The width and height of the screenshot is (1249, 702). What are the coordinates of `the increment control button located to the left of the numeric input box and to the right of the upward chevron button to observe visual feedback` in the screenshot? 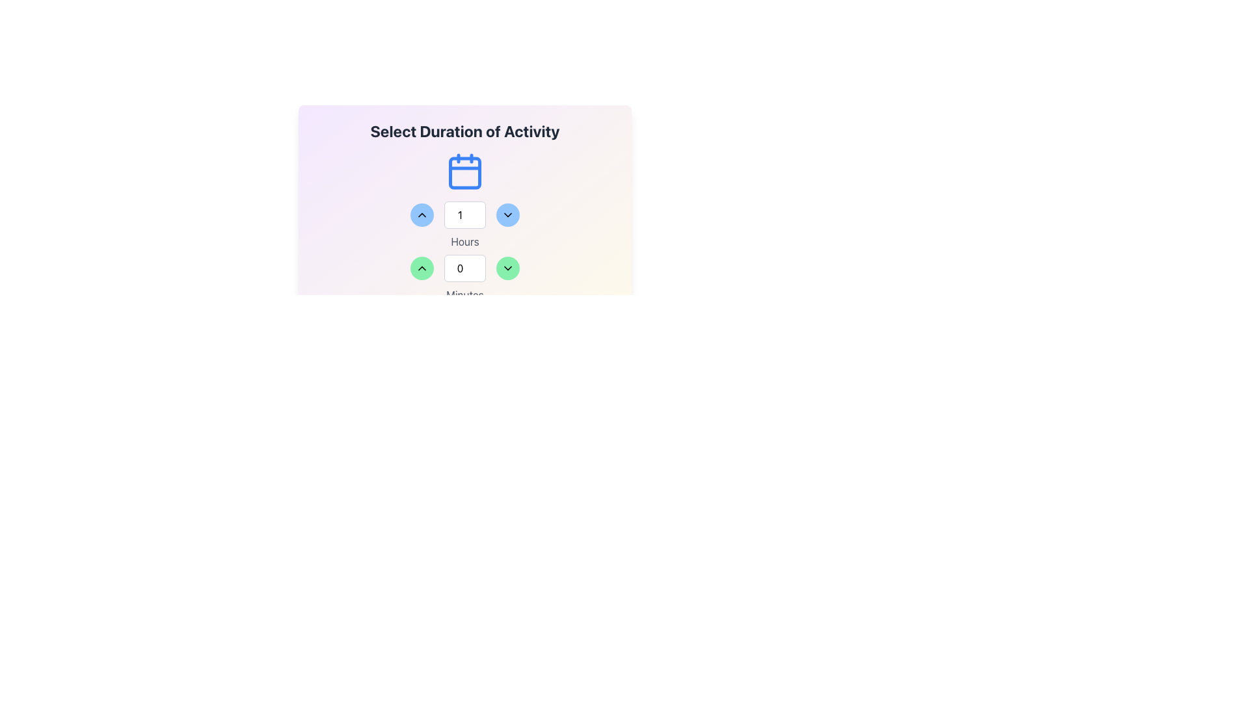 It's located at (422, 267).